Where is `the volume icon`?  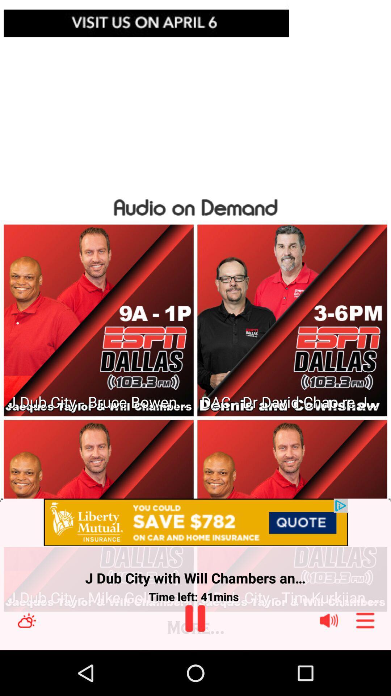 the volume icon is located at coordinates (329, 664).